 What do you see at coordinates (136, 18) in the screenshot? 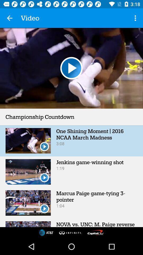
I see `app next to the video app` at bounding box center [136, 18].